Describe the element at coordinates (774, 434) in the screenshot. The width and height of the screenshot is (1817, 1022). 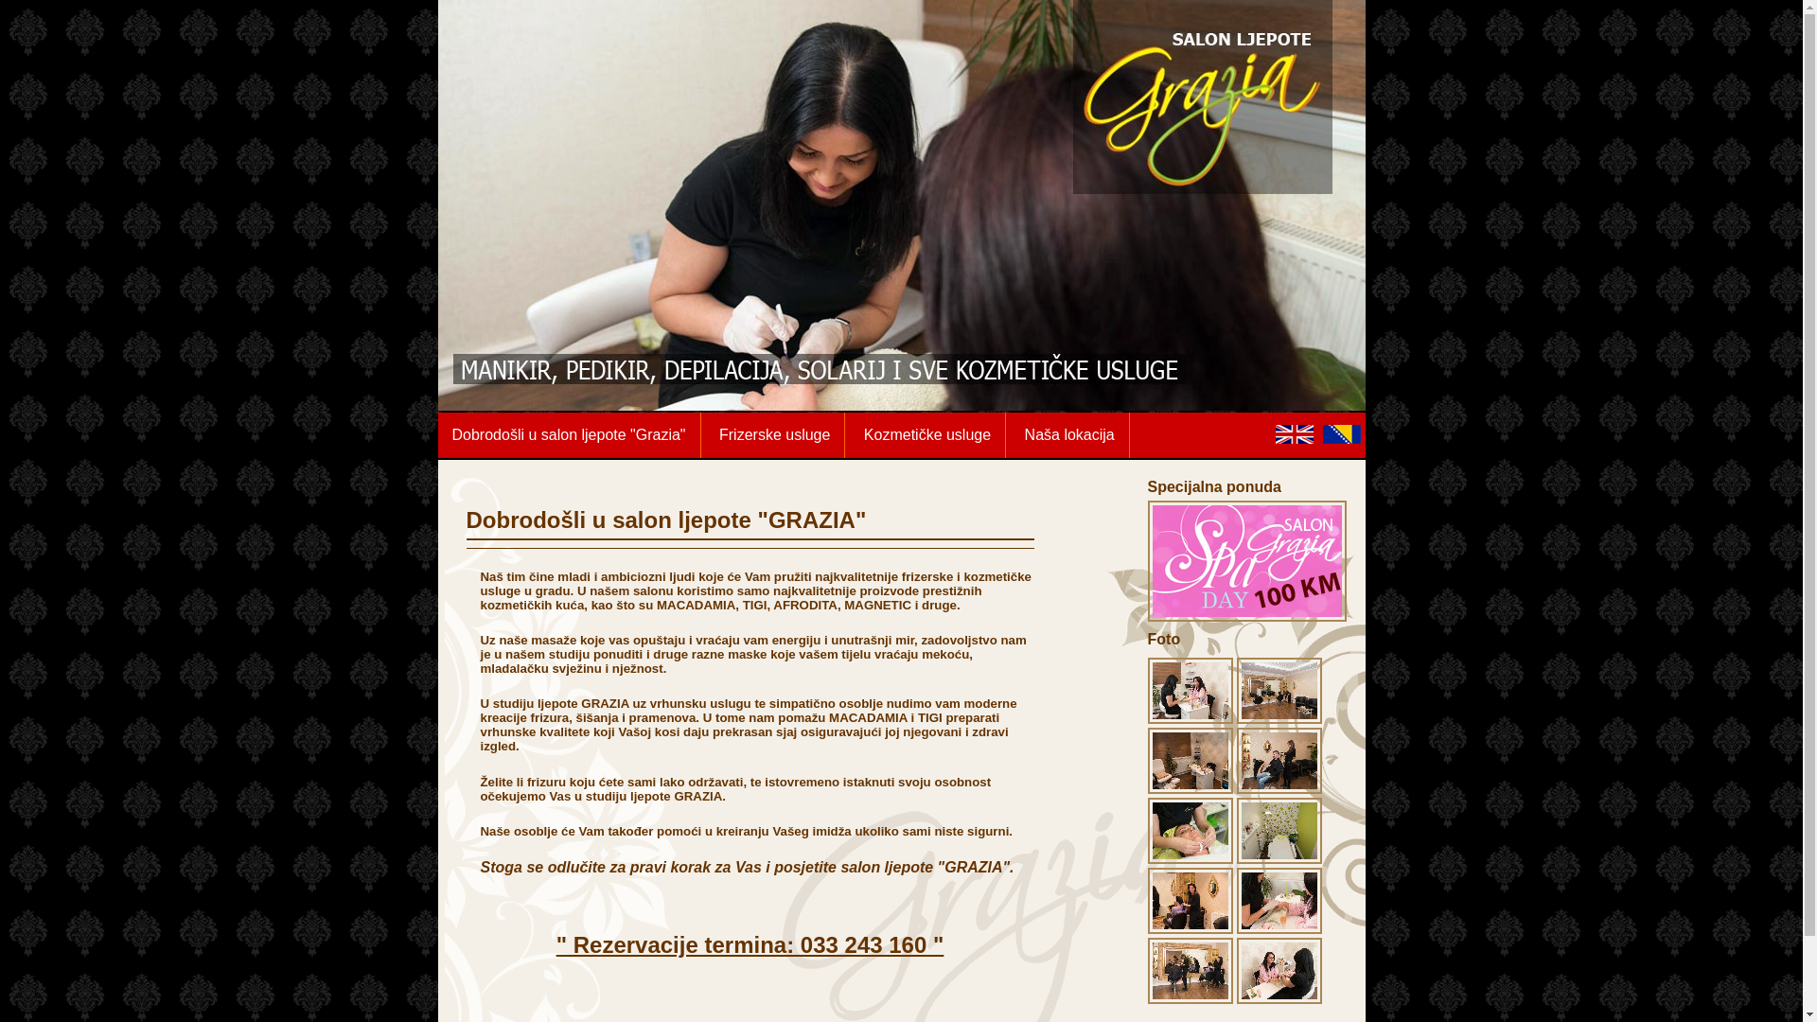
I see `'Frizerske usluge'` at that location.